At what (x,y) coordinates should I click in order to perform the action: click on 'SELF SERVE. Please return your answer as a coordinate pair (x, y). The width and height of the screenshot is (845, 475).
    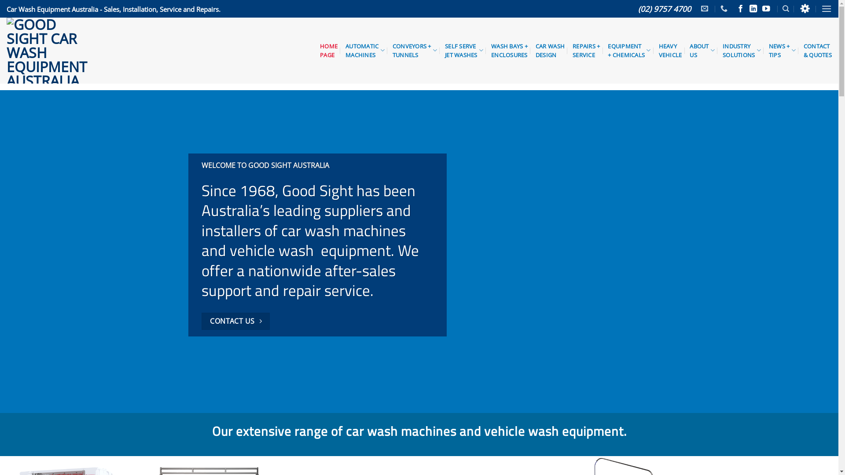
    Looking at the image, I should click on (463, 51).